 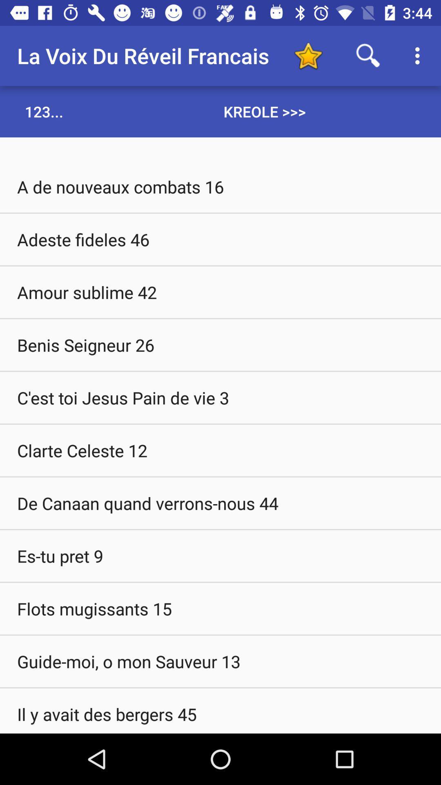 I want to click on the icon below adeste fideles 46, so click(x=220, y=292).